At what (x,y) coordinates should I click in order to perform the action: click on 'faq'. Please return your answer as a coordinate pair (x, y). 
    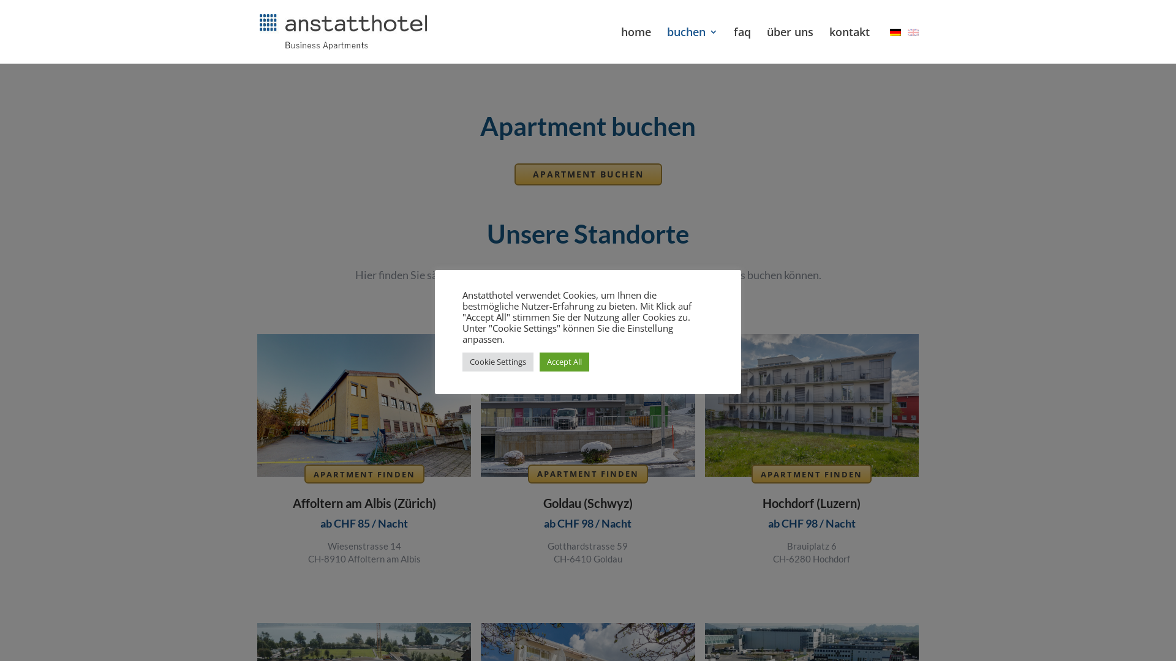
    Looking at the image, I should click on (741, 45).